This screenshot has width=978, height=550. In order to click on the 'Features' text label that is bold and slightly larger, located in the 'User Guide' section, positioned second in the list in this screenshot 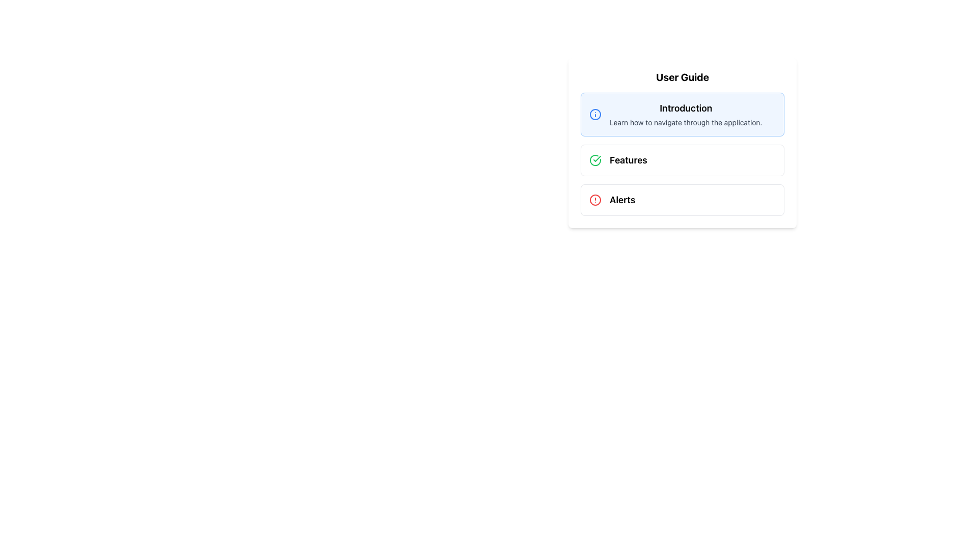, I will do `click(628, 160)`.